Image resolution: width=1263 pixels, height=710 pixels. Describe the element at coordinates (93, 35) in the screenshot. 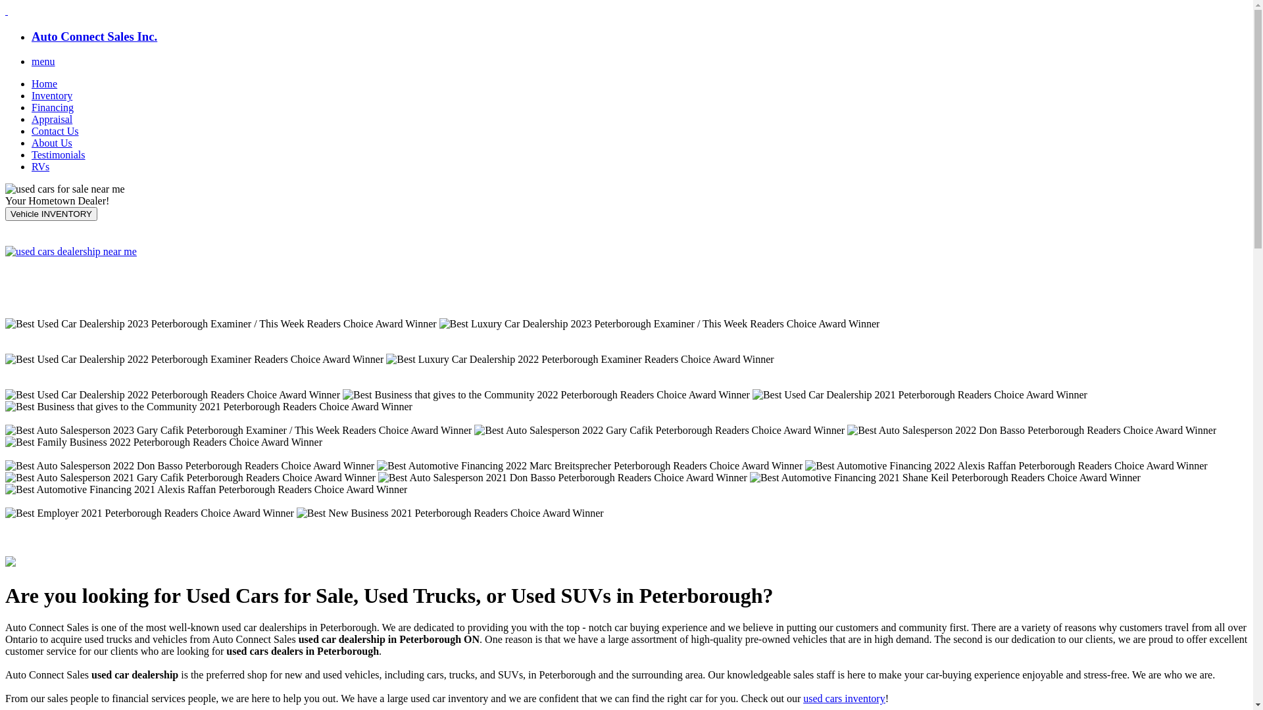

I see `'Auto Connect Sales Inc.'` at that location.